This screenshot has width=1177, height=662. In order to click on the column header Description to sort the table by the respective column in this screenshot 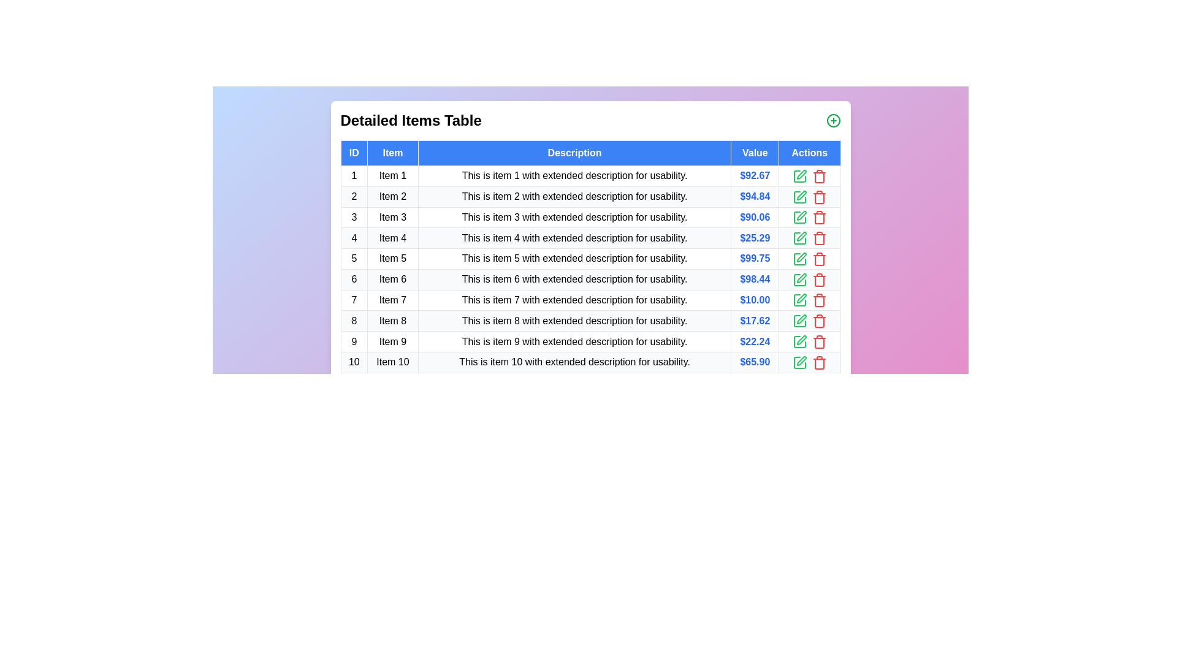, I will do `click(573, 153)`.